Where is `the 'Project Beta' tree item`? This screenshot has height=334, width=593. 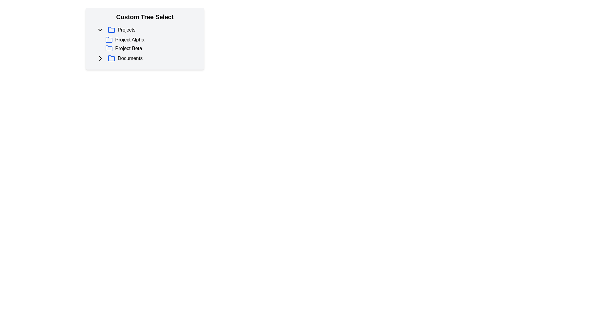
the 'Project Beta' tree item is located at coordinates (152, 44).